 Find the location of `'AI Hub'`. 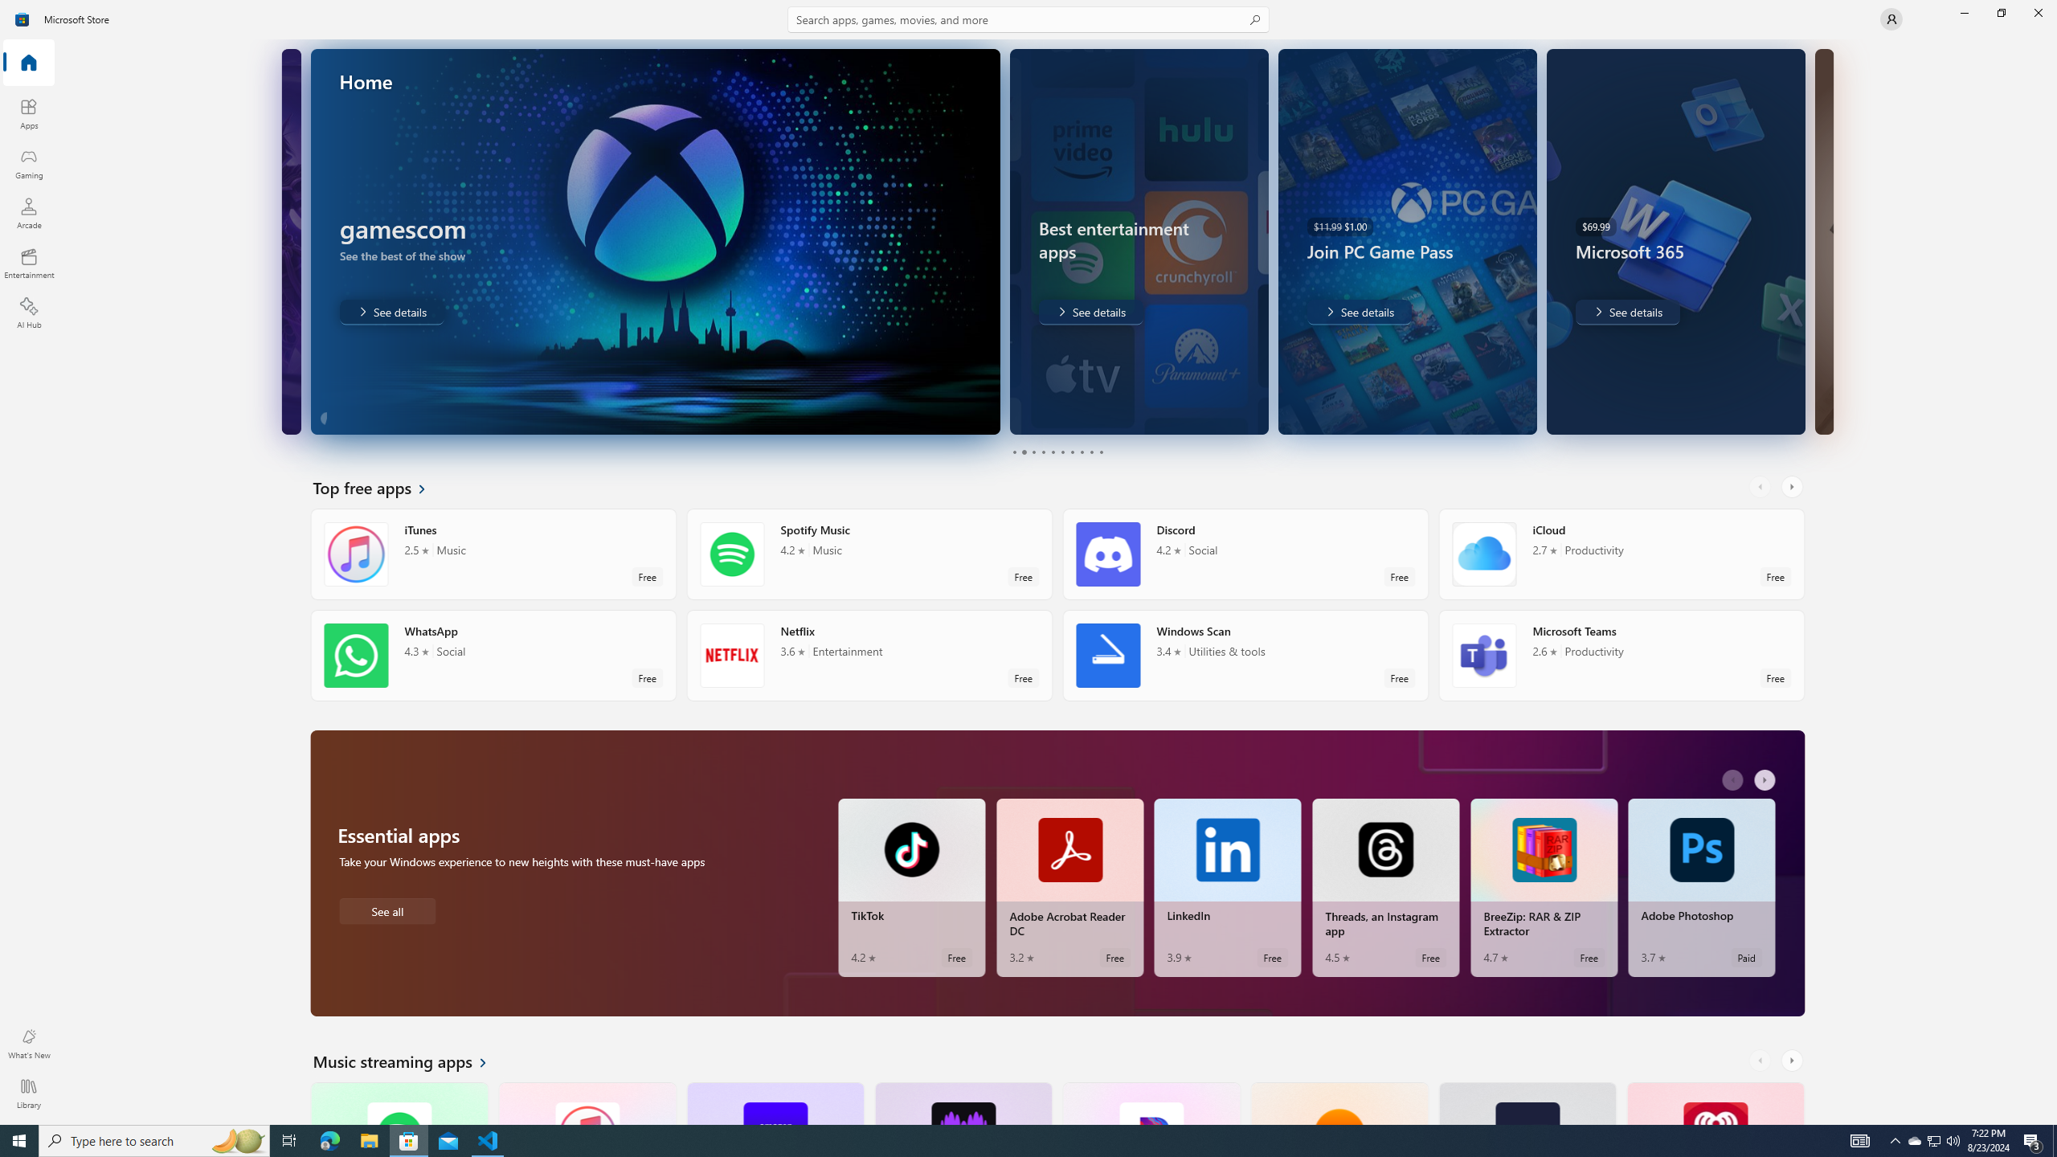

'AI Hub' is located at coordinates (27, 312).